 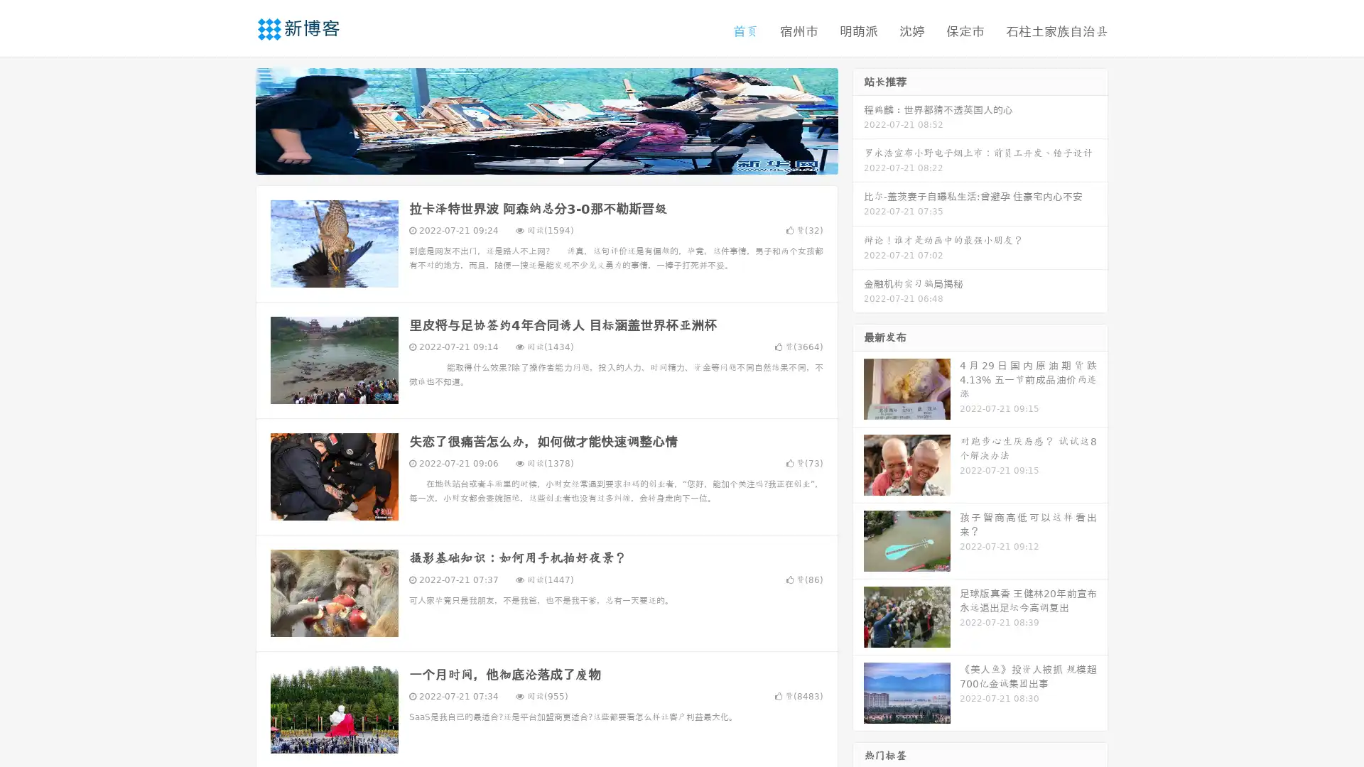 What do you see at coordinates (561, 160) in the screenshot?
I see `Go to slide 3` at bounding box center [561, 160].